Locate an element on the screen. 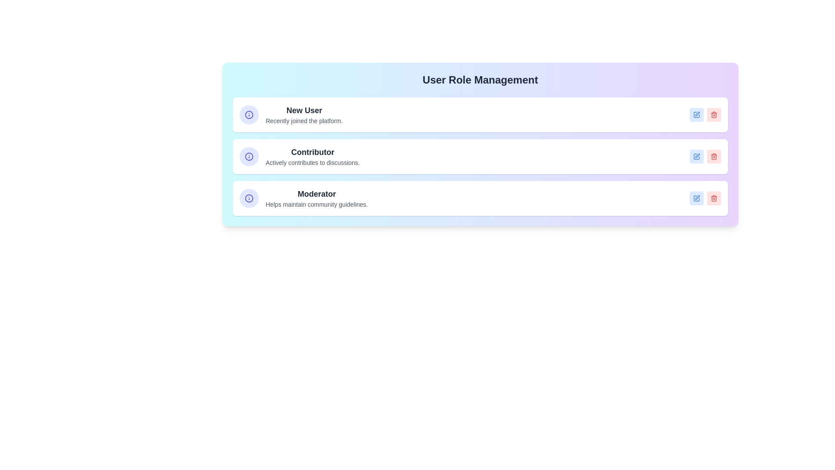 Image resolution: width=835 pixels, height=470 pixels. the edit button for the tag Contributor is located at coordinates (697, 156).